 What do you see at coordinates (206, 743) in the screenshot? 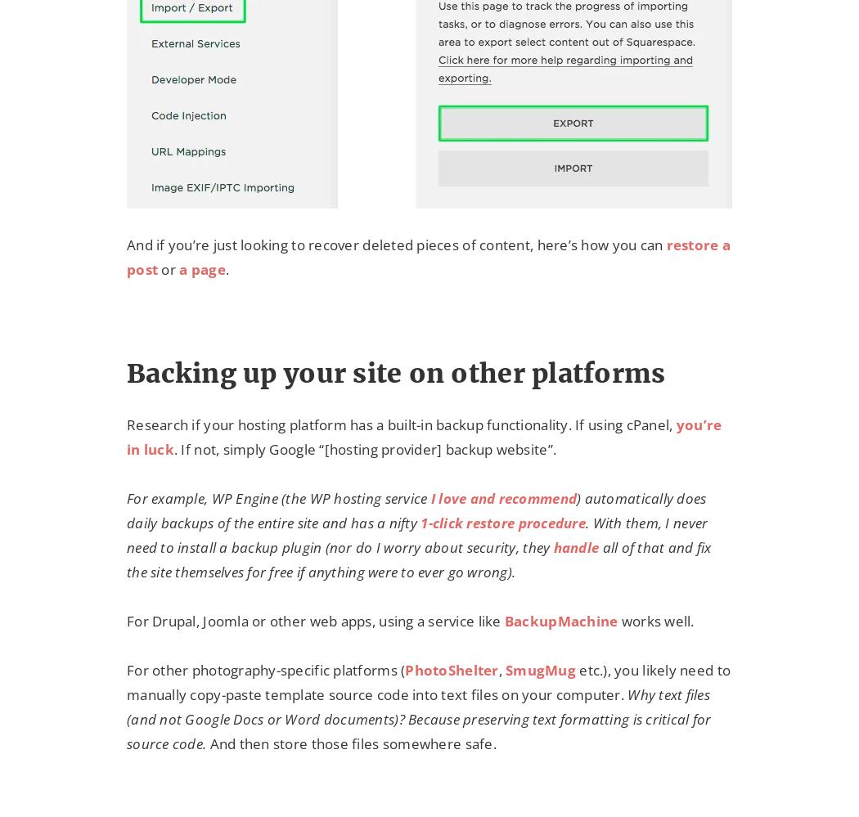
I see `'And then store those files somewhere safe.'` at bounding box center [206, 743].